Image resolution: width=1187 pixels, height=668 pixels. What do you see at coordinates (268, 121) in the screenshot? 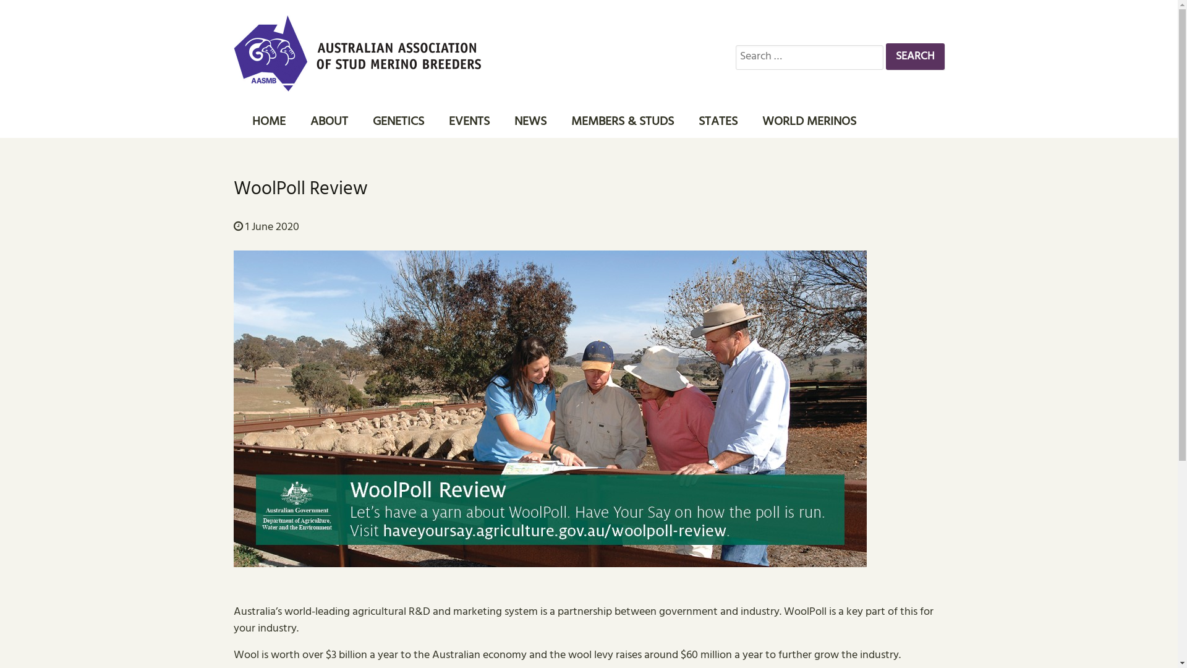
I see `'HOME'` at bounding box center [268, 121].